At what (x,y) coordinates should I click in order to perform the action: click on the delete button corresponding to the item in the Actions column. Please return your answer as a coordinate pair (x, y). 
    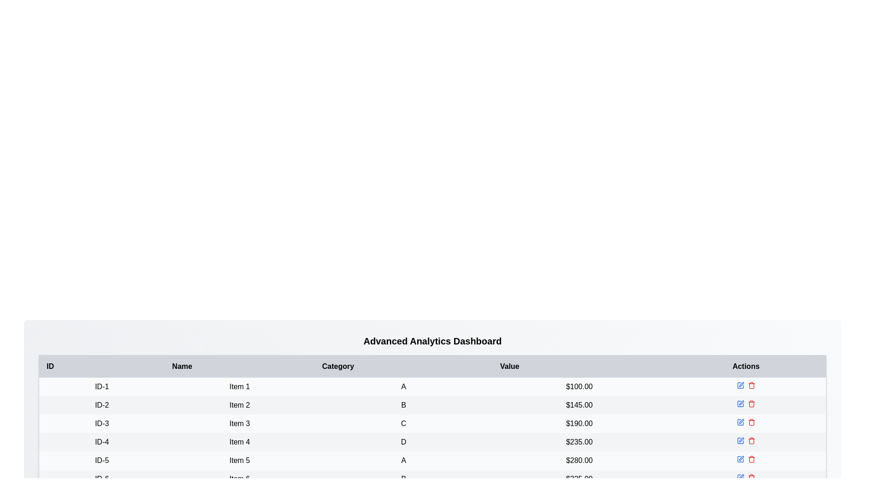
    Looking at the image, I should click on (751, 385).